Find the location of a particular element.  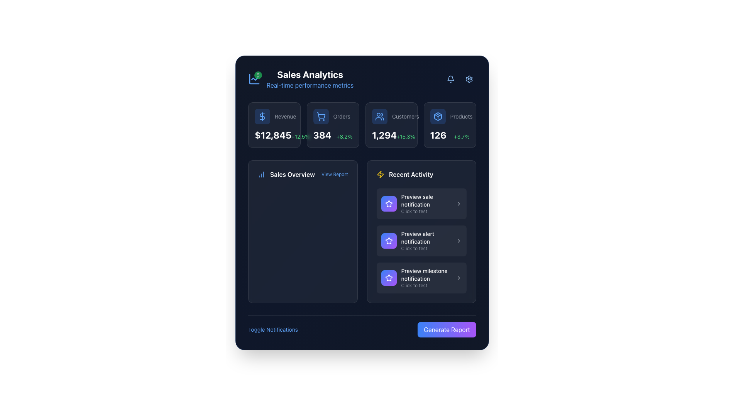

the first interactive list item that features a star graphic and the text 'Preview sale notification' is located at coordinates (421, 203).